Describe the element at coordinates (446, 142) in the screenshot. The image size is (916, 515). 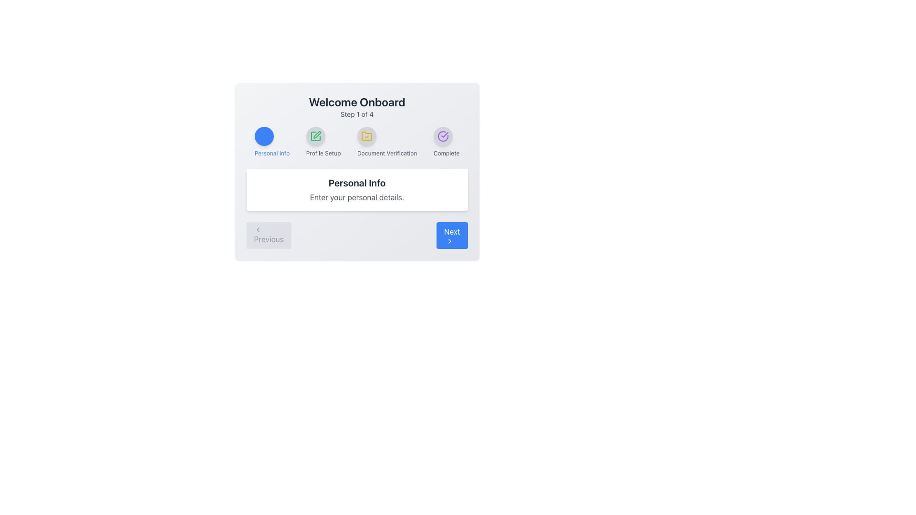
I see `the 'Complete' stage Progress Indicator Icon and Label, which is the last item in the progress sequence located at the far-right of the progress indicator section` at that location.